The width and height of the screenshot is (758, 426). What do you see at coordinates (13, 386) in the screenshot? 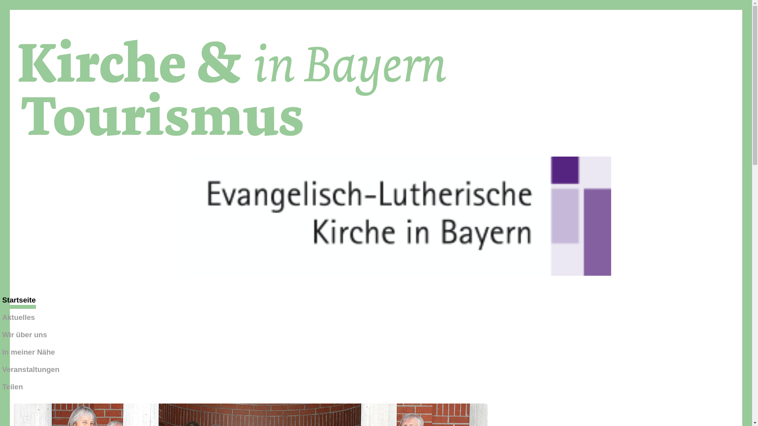
I see `'Teilen'` at bounding box center [13, 386].